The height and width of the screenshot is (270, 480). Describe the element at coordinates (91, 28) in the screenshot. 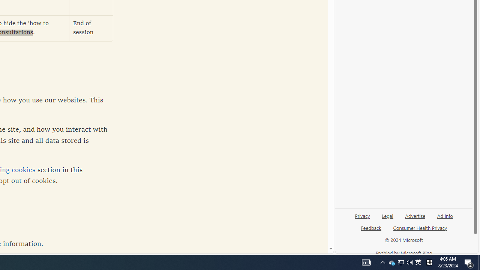

I see `'End of session'` at that location.